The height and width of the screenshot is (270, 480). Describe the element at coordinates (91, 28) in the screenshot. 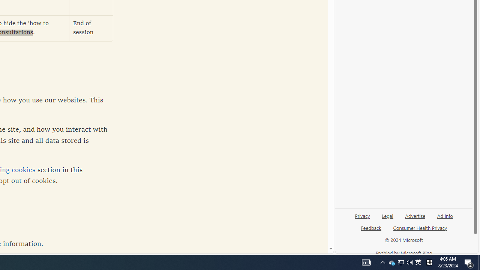

I see `'End of session'` at that location.